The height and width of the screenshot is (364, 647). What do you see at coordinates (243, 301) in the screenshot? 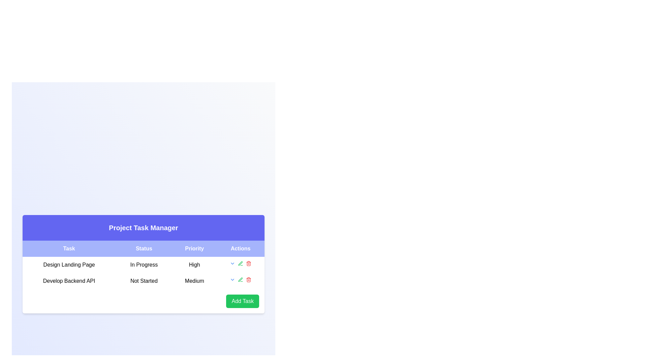
I see `the 'Add Task' button, which is a rectangular button with a green background and rounded corners` at bounding box center [243, 301].